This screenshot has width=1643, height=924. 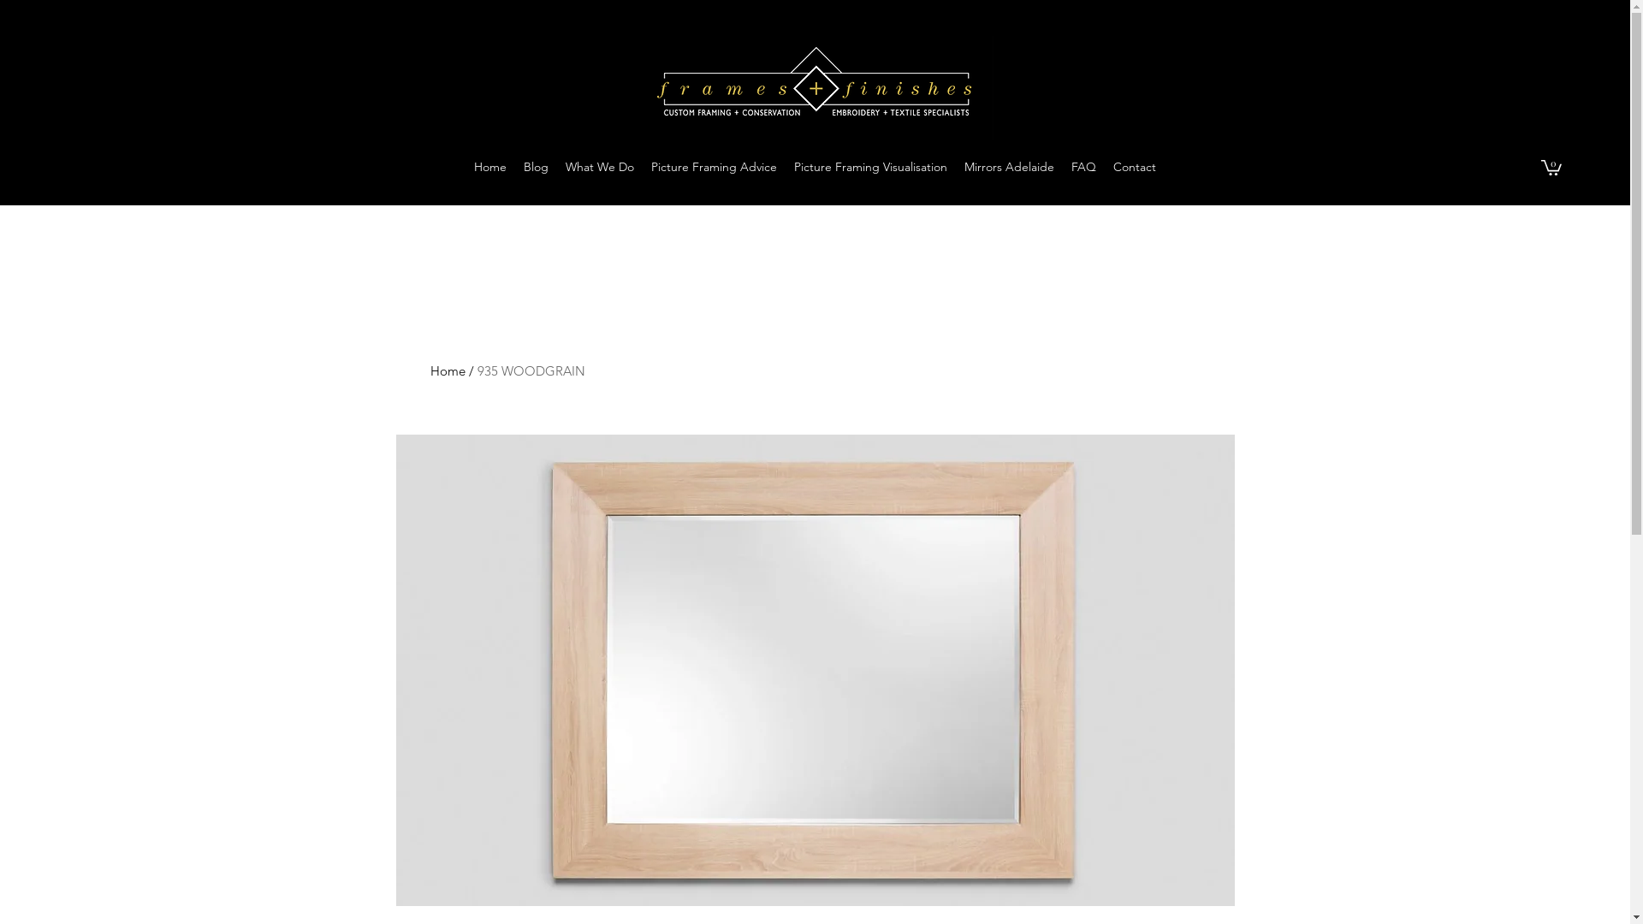 I want to click on 'Picture Framing Advice', so click(x=714, y=167).